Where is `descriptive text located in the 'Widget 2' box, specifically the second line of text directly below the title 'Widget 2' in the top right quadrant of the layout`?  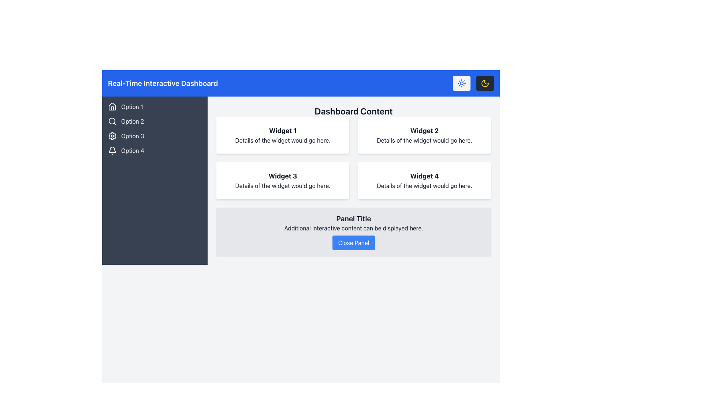
descriptive text located in the 'Widget 2' box, specifically the second line of text directly below the title 'Widget 2' in the top right quadrant of the layout is located at coordinates (424, 140).